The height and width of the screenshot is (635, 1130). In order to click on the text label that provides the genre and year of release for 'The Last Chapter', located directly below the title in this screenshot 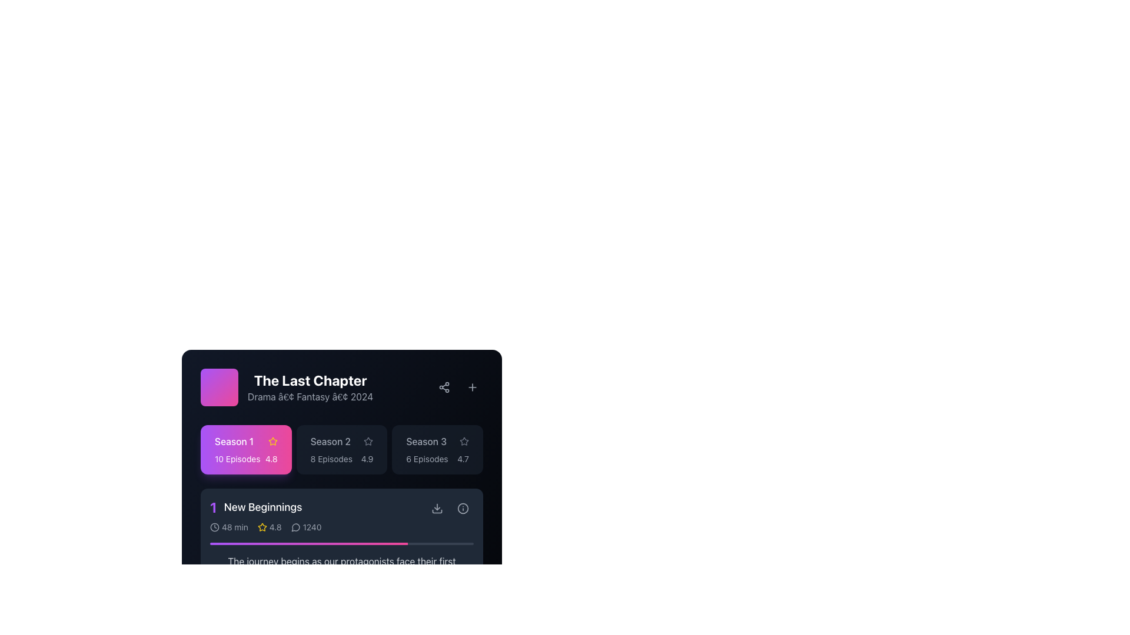, I will do `click(310, 397)`.